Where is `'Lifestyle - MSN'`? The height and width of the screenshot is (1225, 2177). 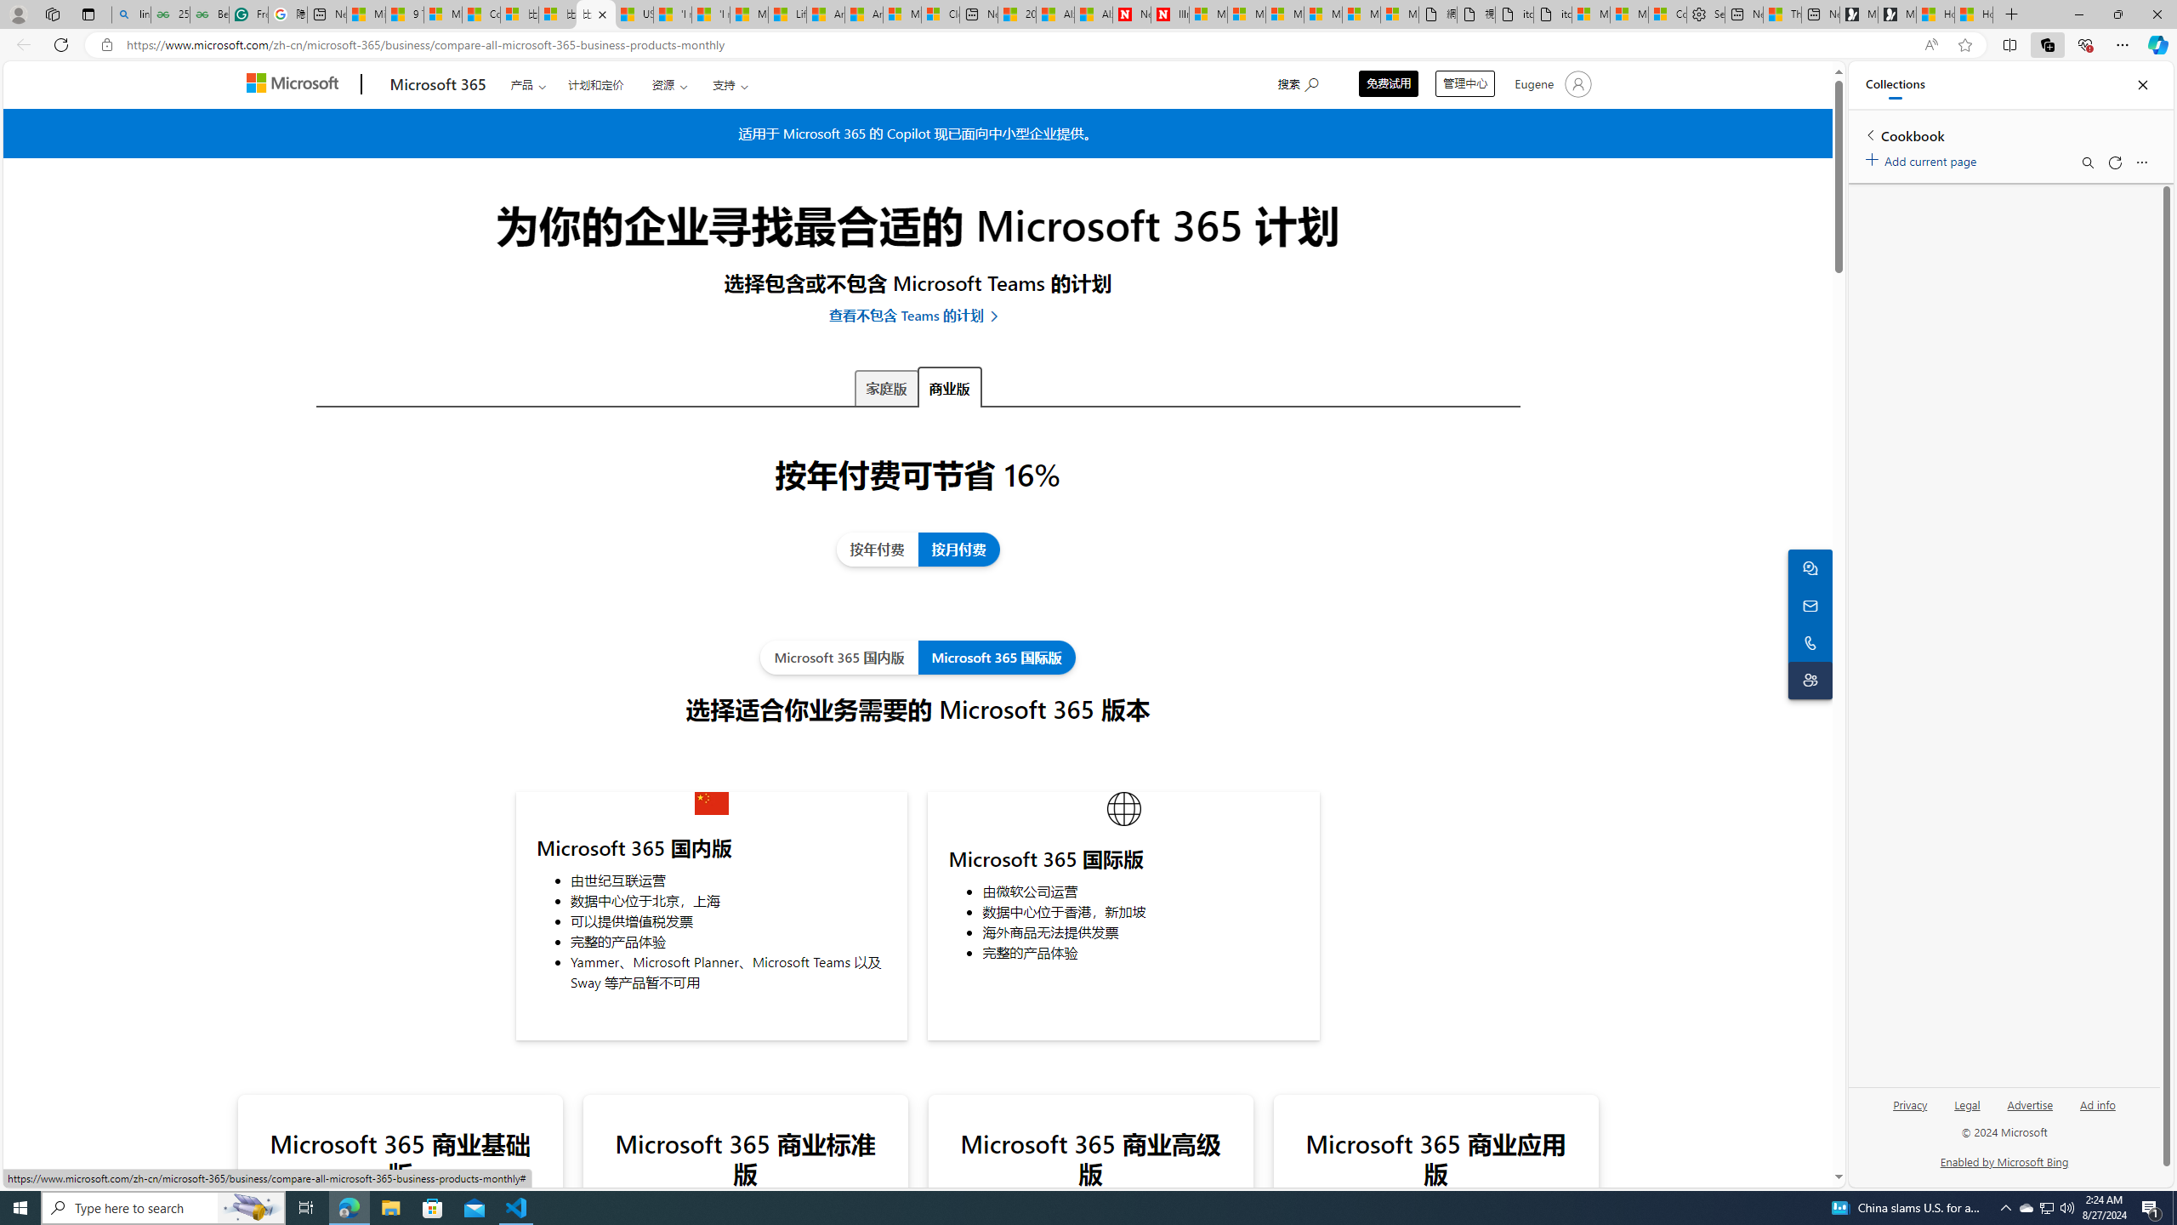 'Lifestyle - MSN' is located at coordinates (787, 14).